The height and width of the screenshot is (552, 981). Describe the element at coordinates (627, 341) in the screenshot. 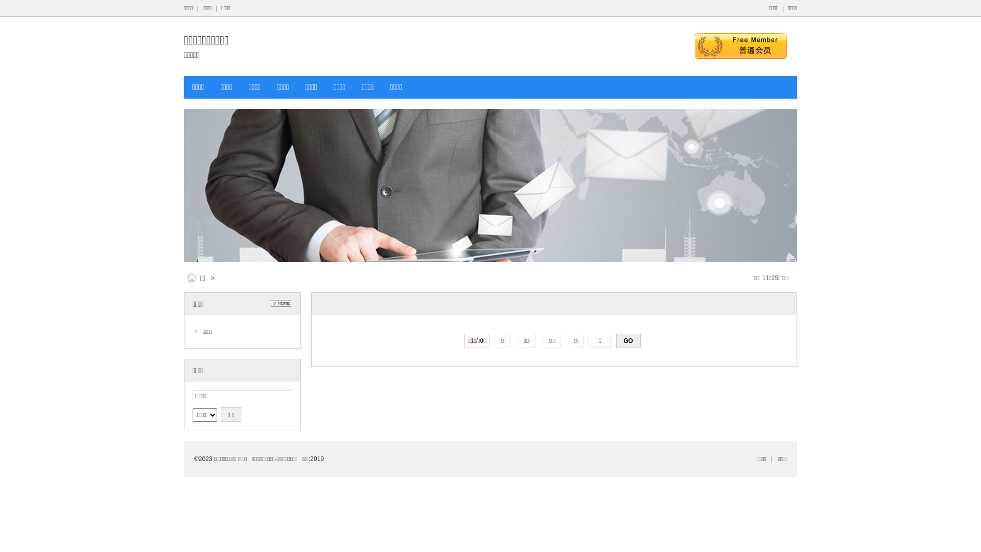

I see `'GO'` at that location.